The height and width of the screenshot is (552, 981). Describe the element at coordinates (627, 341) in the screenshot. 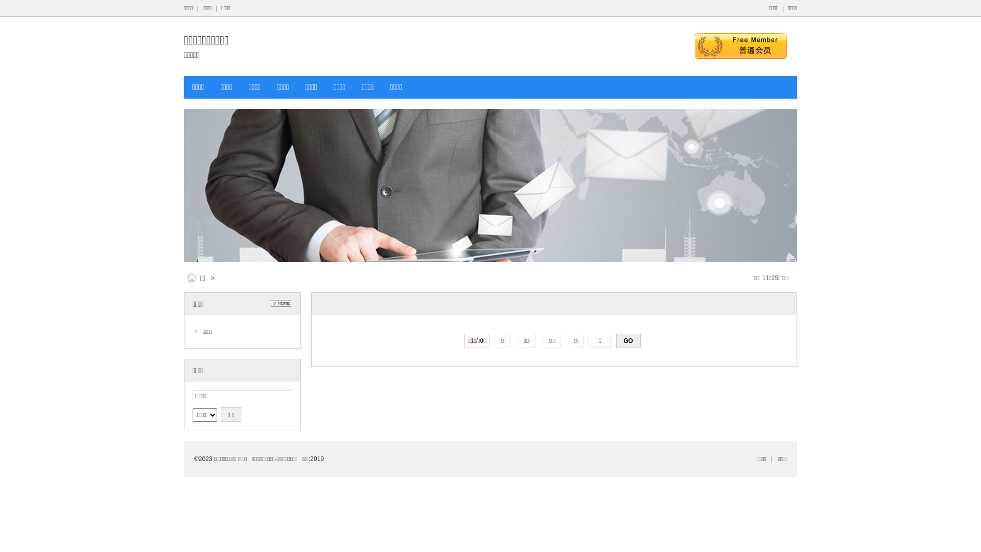

I see `'GO'` at that location.